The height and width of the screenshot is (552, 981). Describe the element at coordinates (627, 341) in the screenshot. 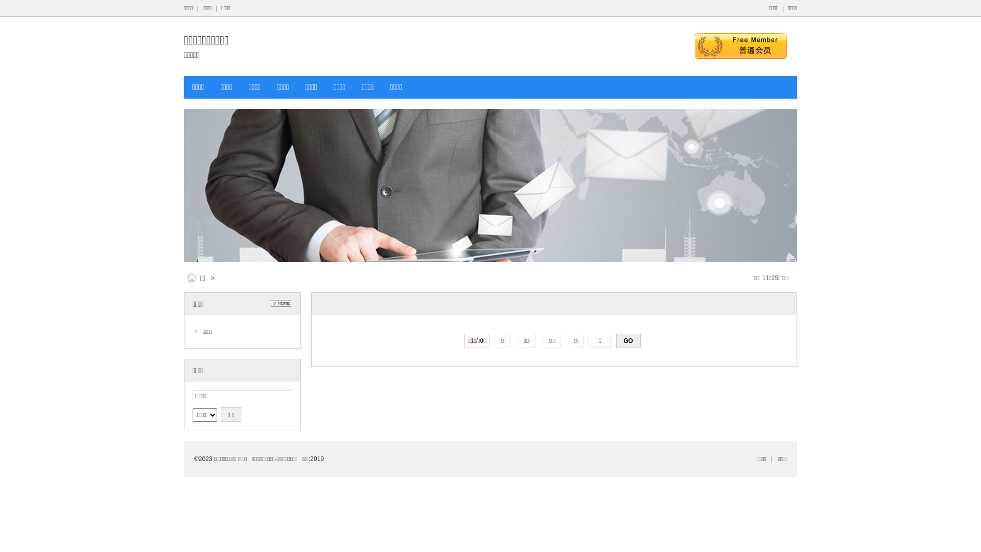

I see `'GO'` at that location.